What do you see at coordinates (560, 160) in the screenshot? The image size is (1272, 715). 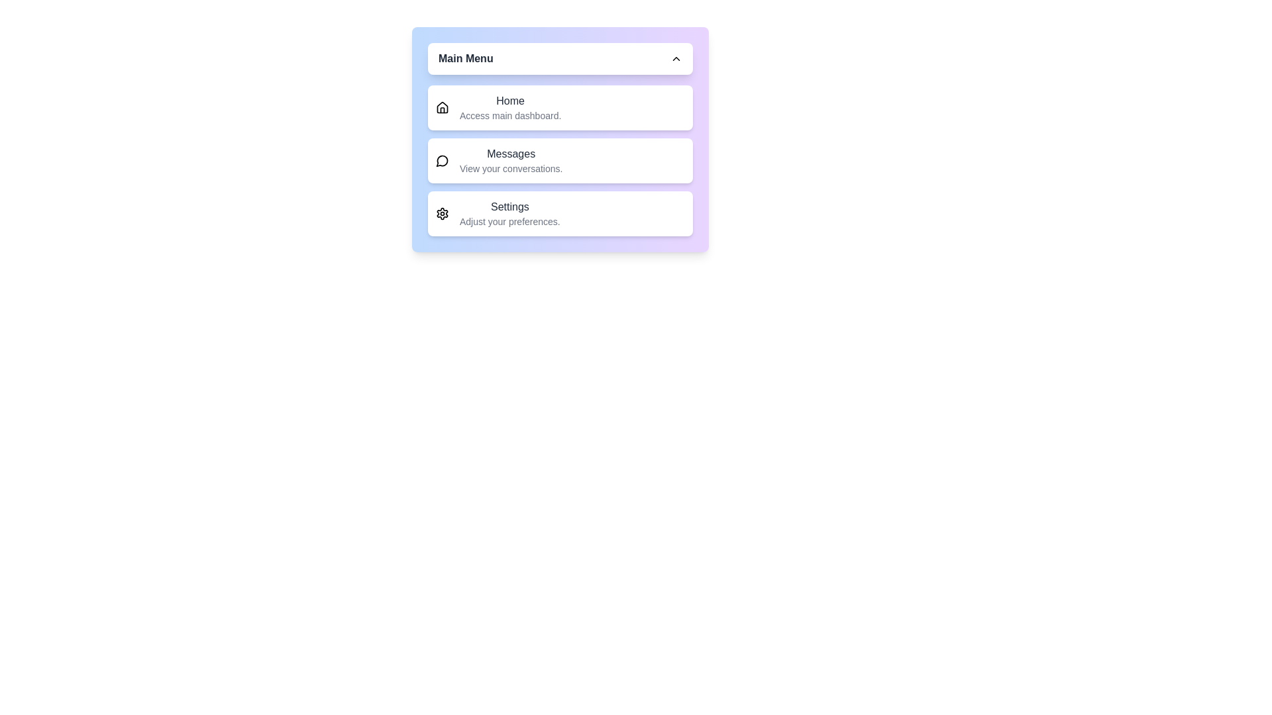 I see `the menu option Messages` at bounding box center [560, 160].